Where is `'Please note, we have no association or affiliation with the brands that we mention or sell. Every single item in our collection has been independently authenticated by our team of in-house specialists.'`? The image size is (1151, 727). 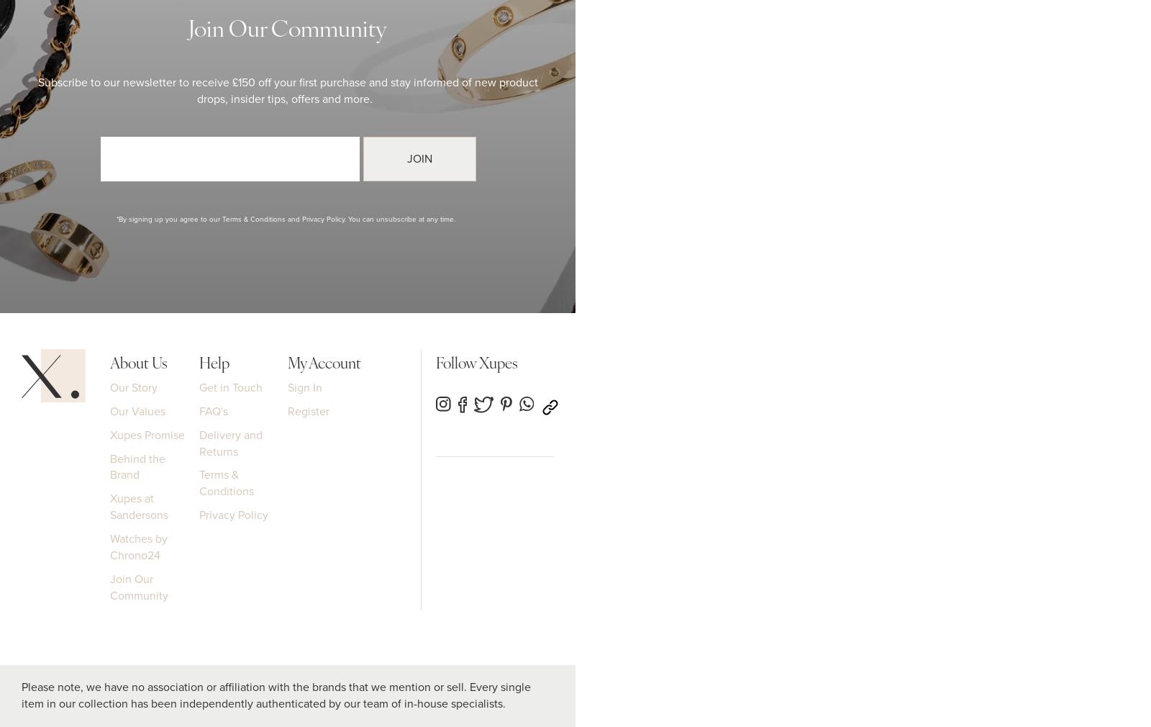
'Please note, we have no association or affiliation with the brands that we mention or sell. Every single item in our collection has been independently authenticated by our team of in-house specialists.' is located at coordinates (276, 695).